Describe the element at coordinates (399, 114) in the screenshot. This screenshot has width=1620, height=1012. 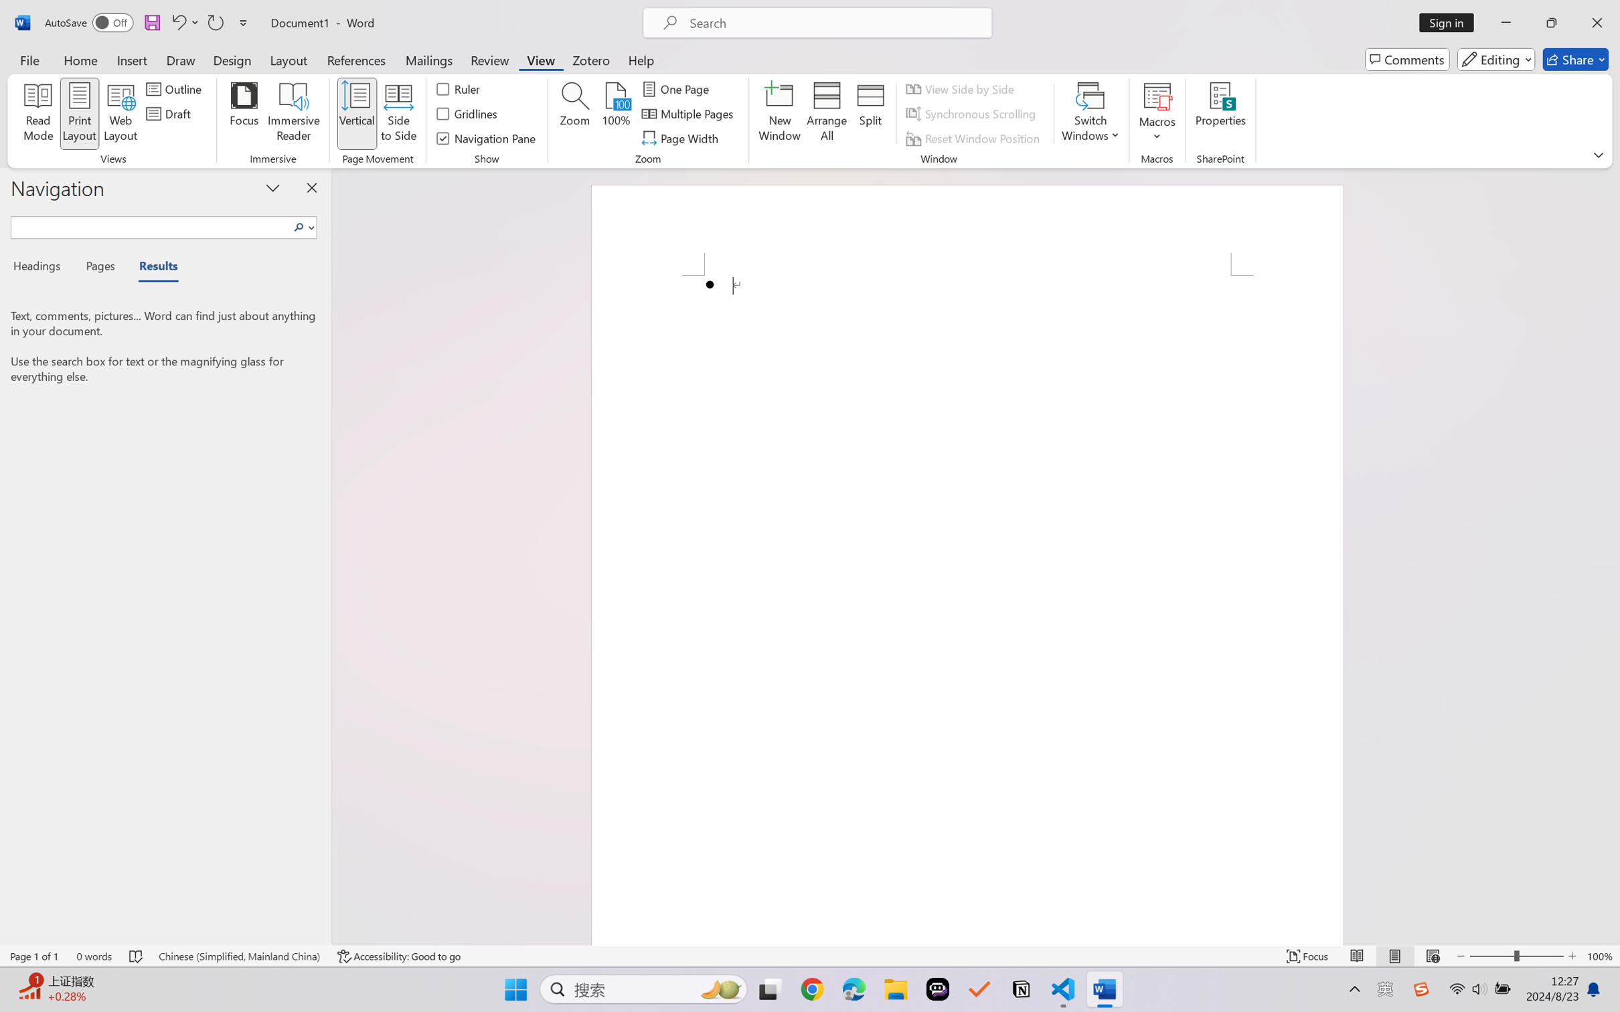
I see `'Side to Side'` at that location.